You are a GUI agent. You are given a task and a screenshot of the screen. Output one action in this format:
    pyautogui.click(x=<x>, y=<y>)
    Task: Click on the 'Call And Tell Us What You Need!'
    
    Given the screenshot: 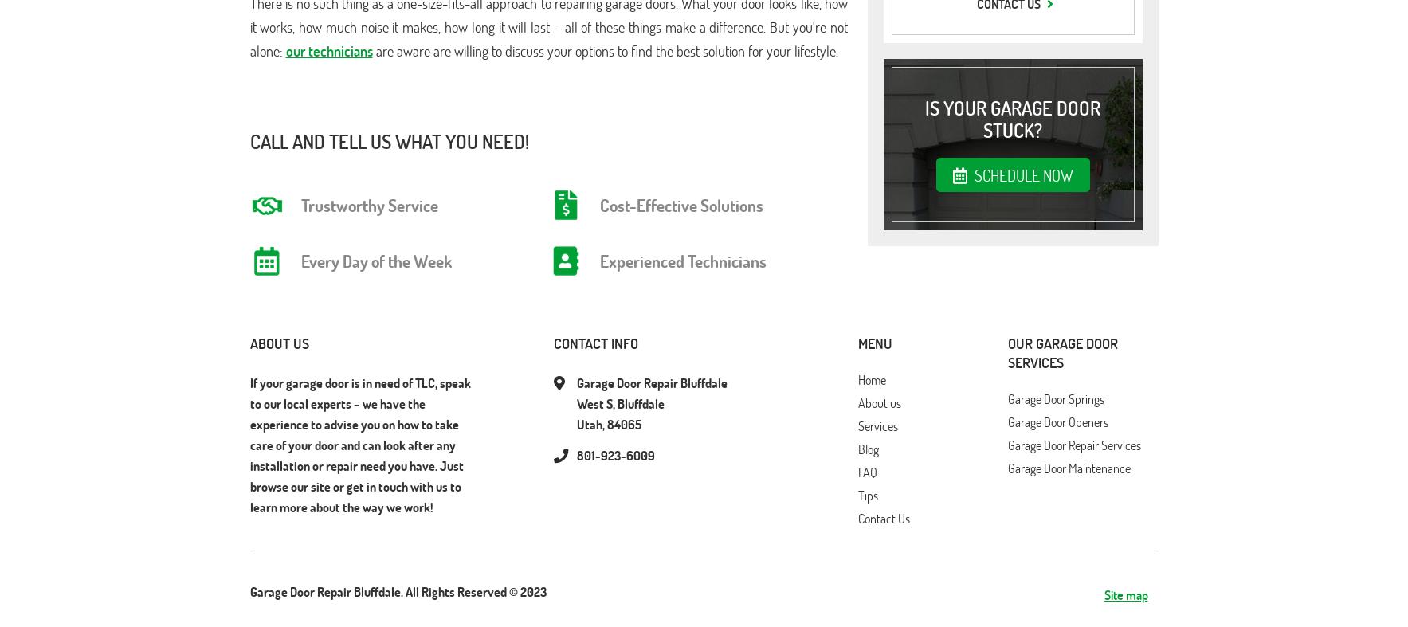 What is the action you would take?
    pyautogui.click(x=389, y=141)
    